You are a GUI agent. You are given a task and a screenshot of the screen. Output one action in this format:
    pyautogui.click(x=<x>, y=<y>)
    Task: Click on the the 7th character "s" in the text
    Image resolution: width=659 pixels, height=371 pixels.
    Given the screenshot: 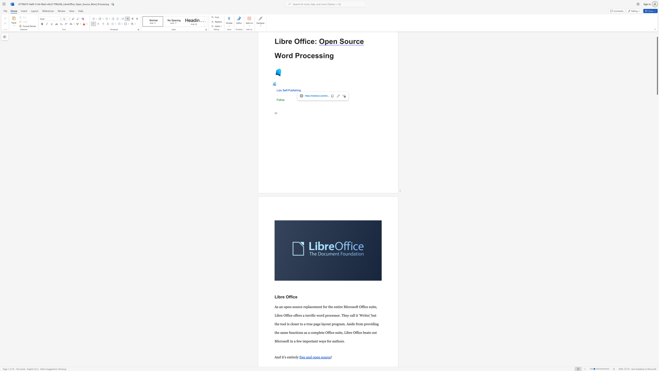 What is the action you would take?
    pyautogui.click(x=336, y=315)
    